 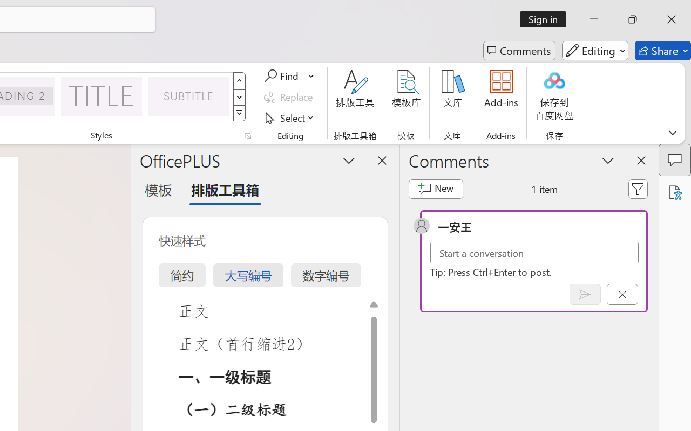 I want to click on 'Sign in', so click(x=547, y=19).